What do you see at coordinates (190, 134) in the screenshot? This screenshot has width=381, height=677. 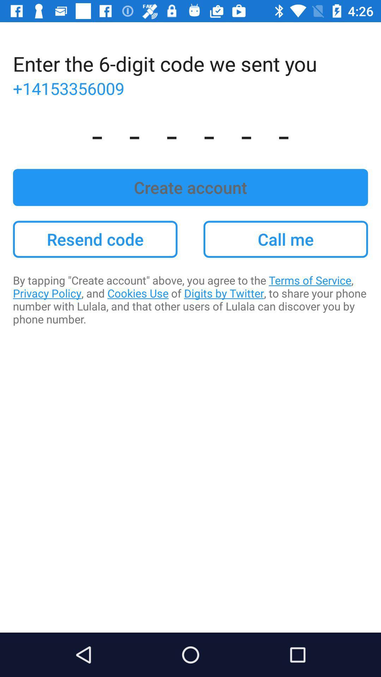 I see `- - - - - - item` at bounding box center [190, 134].